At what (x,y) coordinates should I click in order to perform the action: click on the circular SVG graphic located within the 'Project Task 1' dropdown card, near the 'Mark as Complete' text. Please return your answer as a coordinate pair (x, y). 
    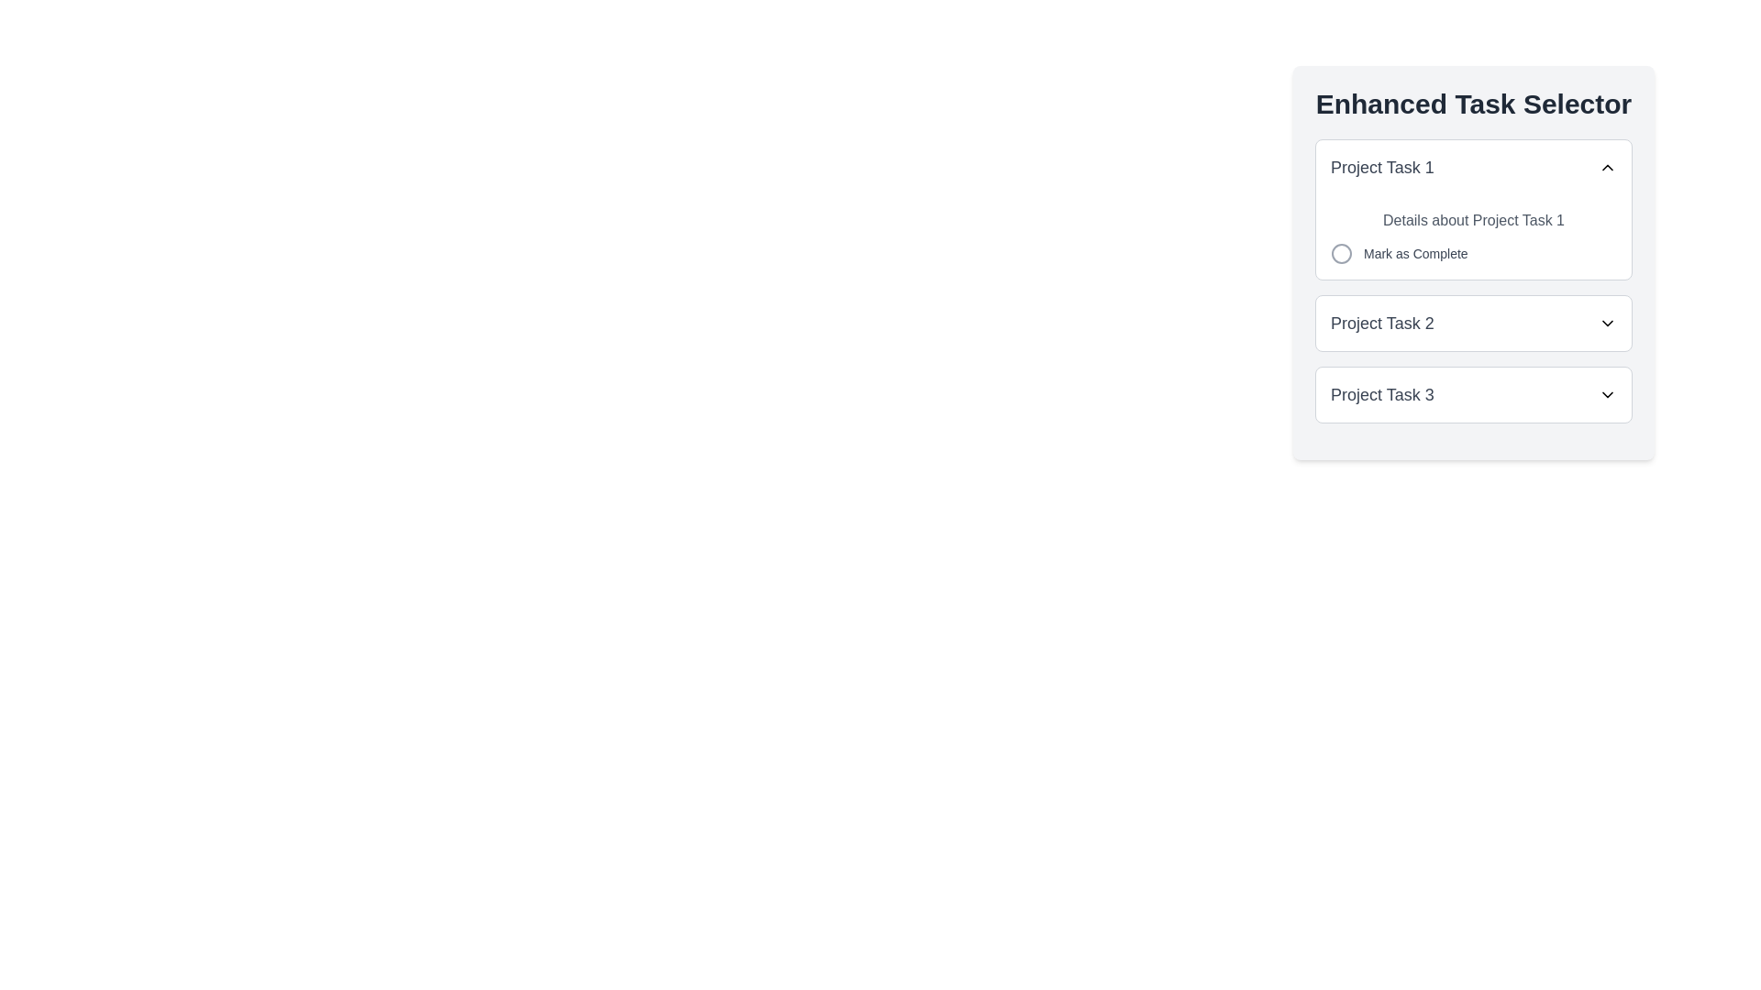
    Looking at the image, I should click on (1342, 254).